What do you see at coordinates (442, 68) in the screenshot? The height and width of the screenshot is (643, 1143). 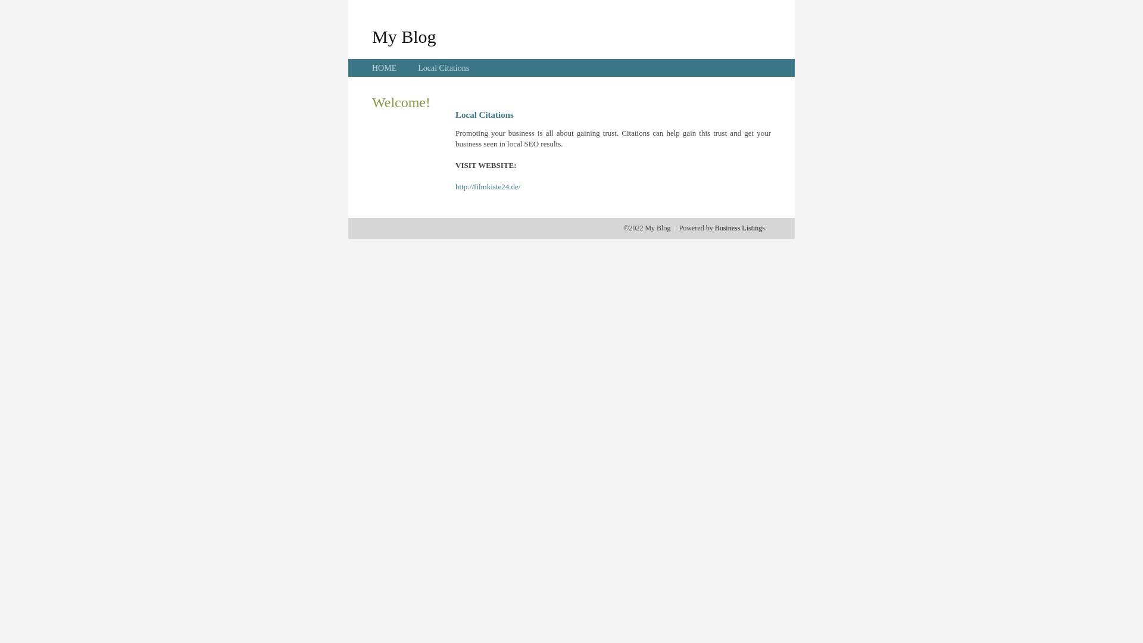 I see `'Local Citations'` at bounding box center [442, 68].